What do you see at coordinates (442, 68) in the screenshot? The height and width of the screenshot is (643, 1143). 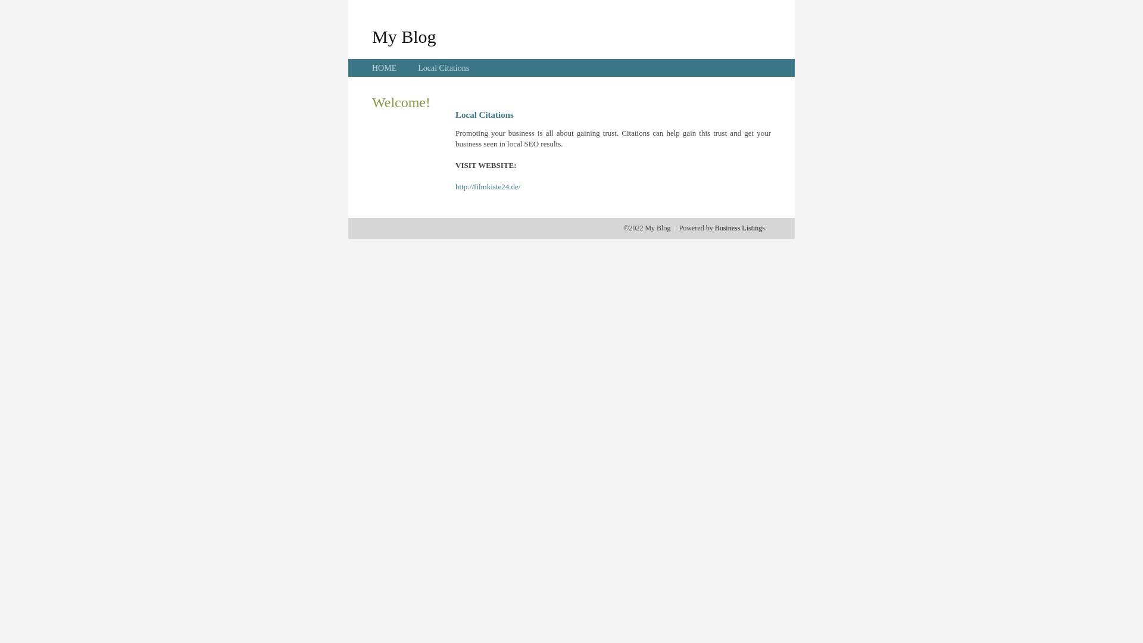 I see `'Local Citations'` at bounding box center [442, 68].